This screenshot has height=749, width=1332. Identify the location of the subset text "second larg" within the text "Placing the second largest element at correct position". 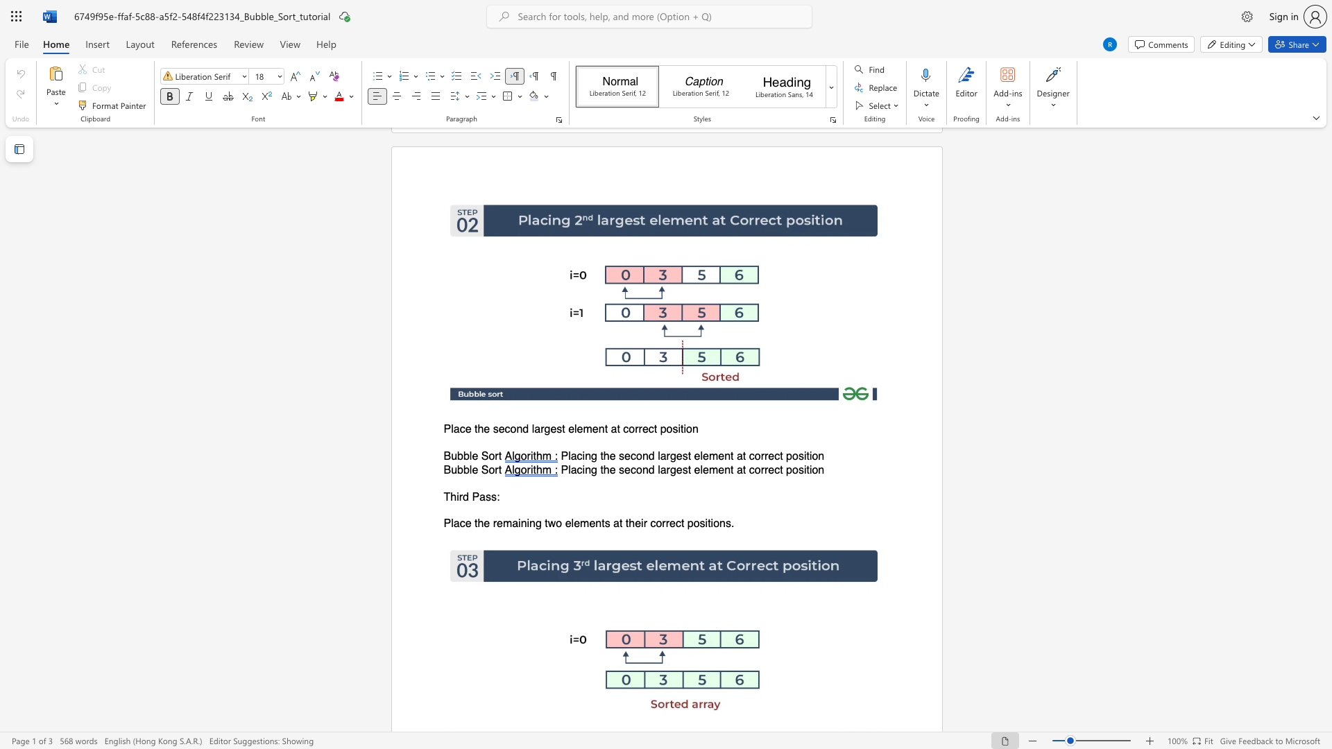
(618, 469).